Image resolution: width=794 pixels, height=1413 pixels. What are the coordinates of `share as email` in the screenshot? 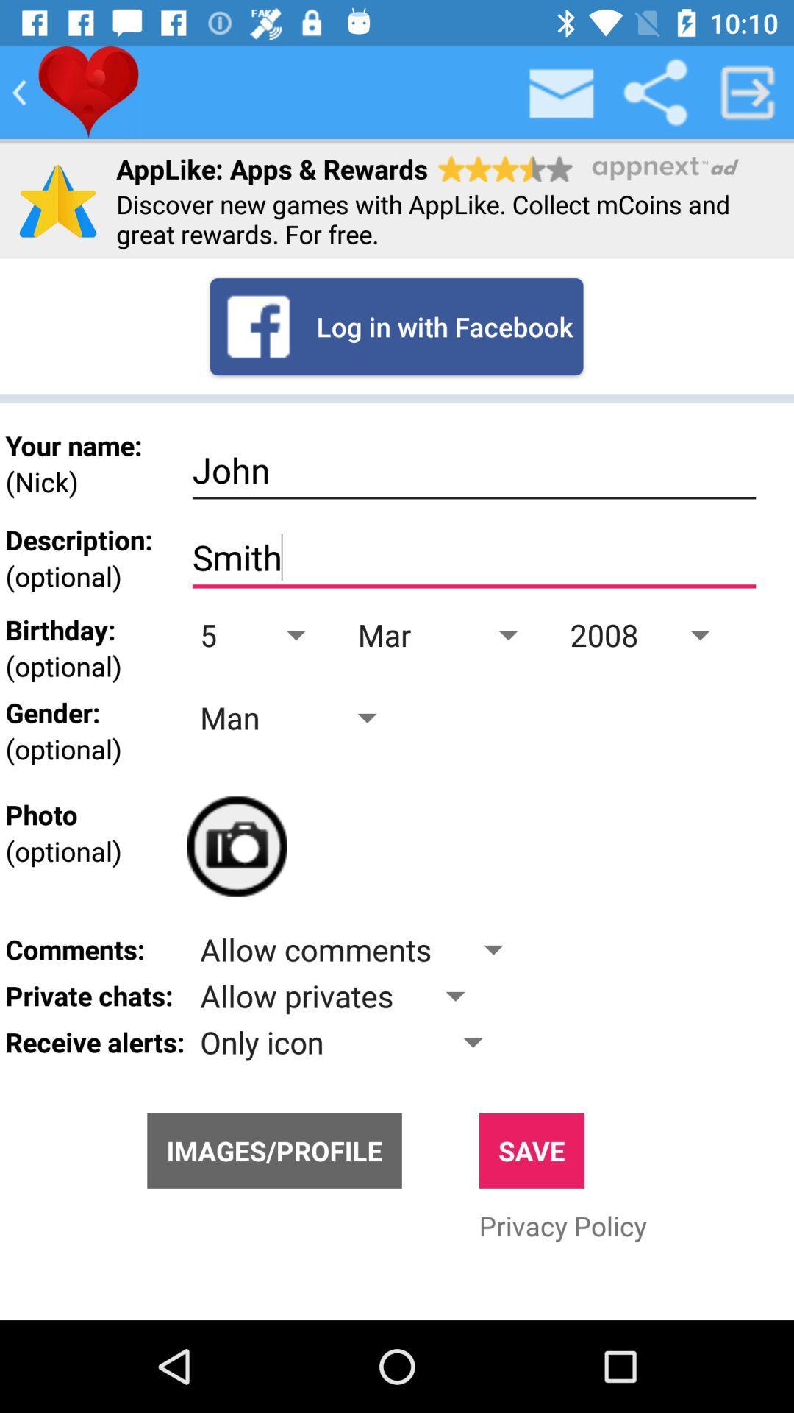 It's located at (562, 91).